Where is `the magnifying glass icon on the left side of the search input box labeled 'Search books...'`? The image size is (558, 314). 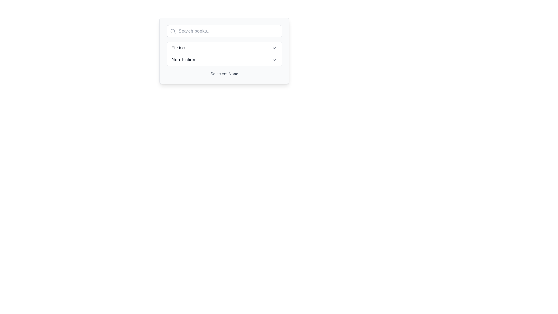
the magnifying glass icon on the left side of the search input box labeled 'Search books...' is located at coordinates (173, 31).